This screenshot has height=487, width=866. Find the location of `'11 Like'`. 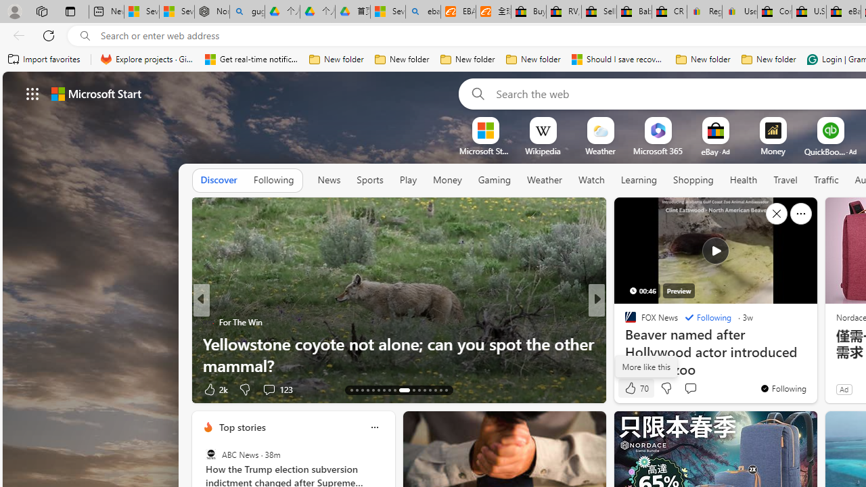

'11 Like' is located at coordinates (631, 389).